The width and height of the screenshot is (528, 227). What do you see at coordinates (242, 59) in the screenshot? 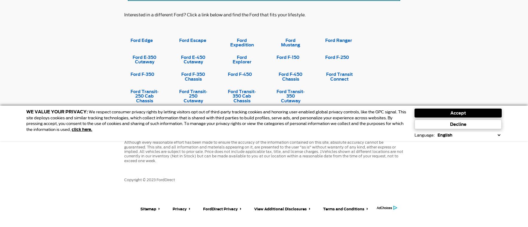
I see `'Ford Explorer'` at bounding box center [242, 59].